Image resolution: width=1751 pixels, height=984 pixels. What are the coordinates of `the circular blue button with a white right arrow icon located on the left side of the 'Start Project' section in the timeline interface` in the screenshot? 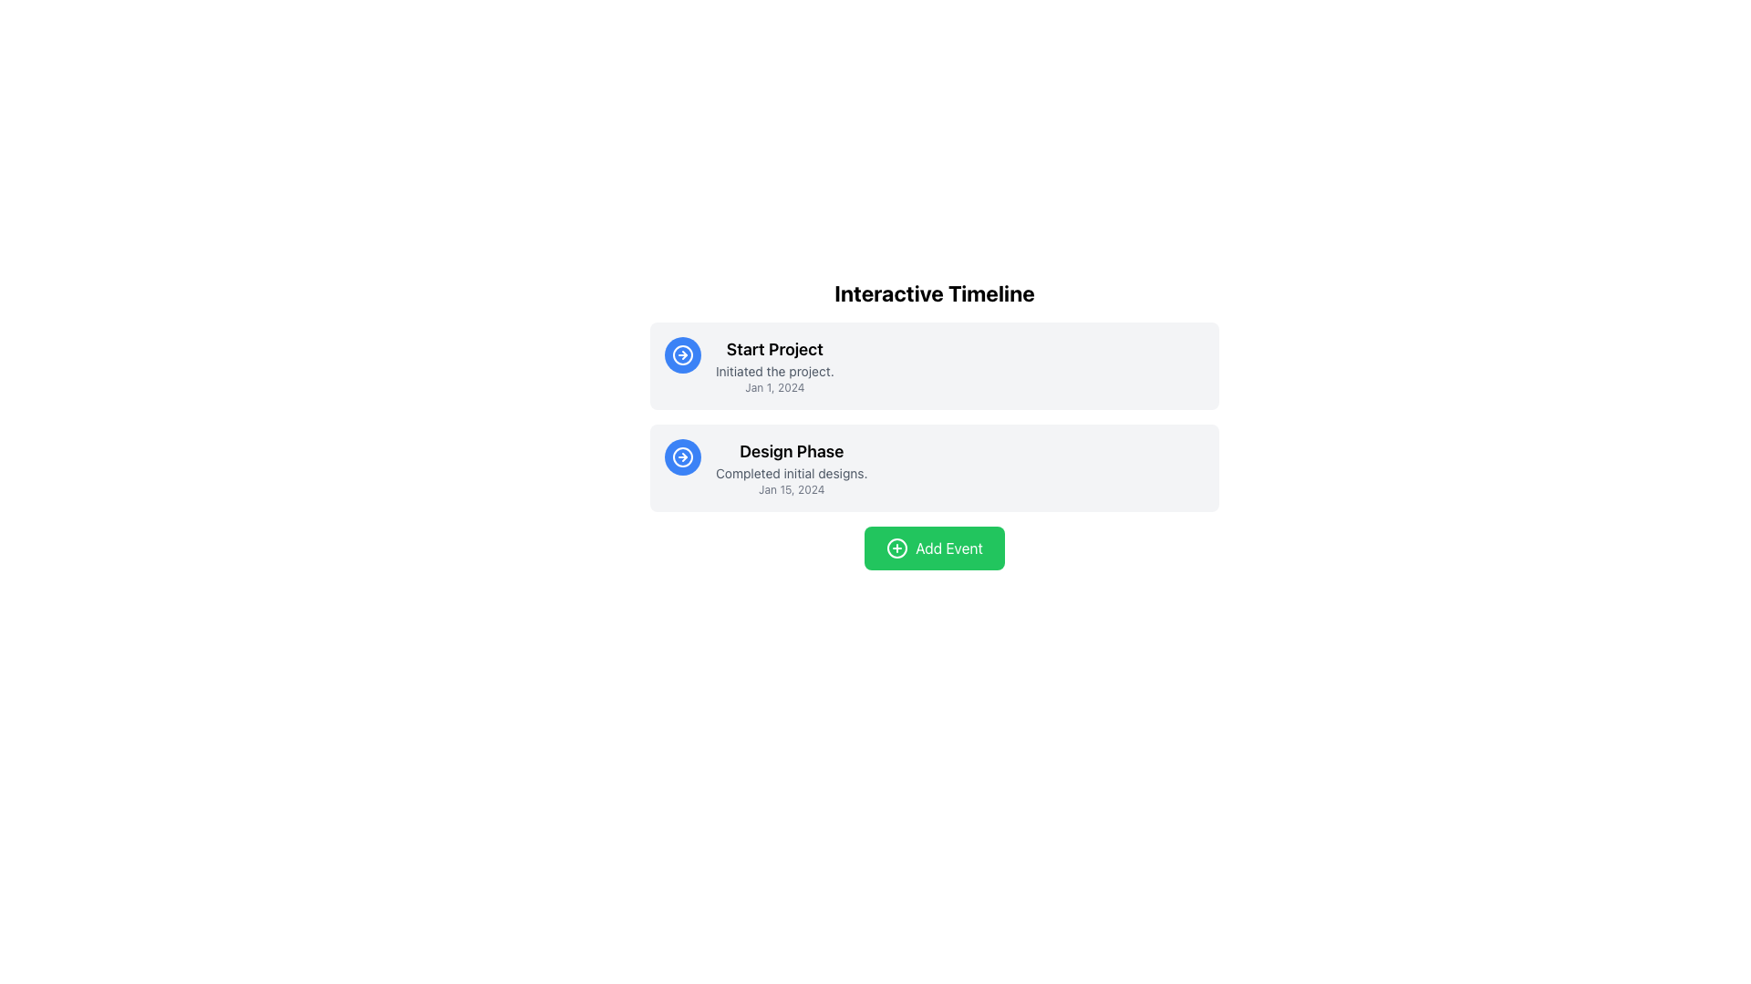 It's located at (681, 354).